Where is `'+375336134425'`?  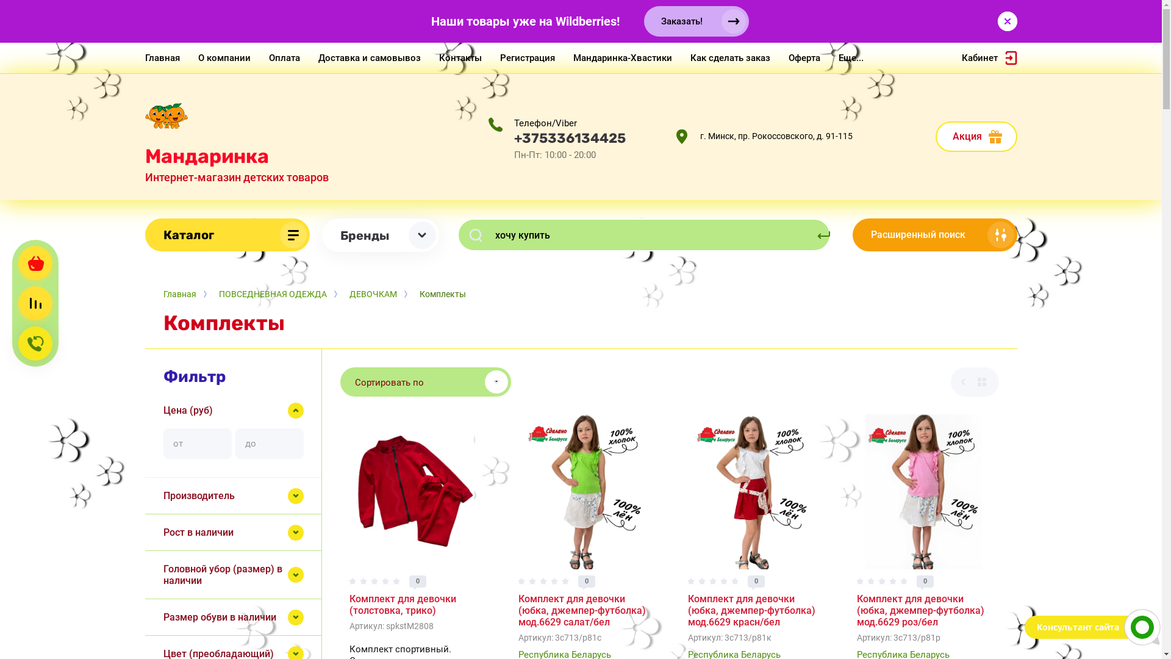
'+375336134425' is located at coordinates (568, 137).